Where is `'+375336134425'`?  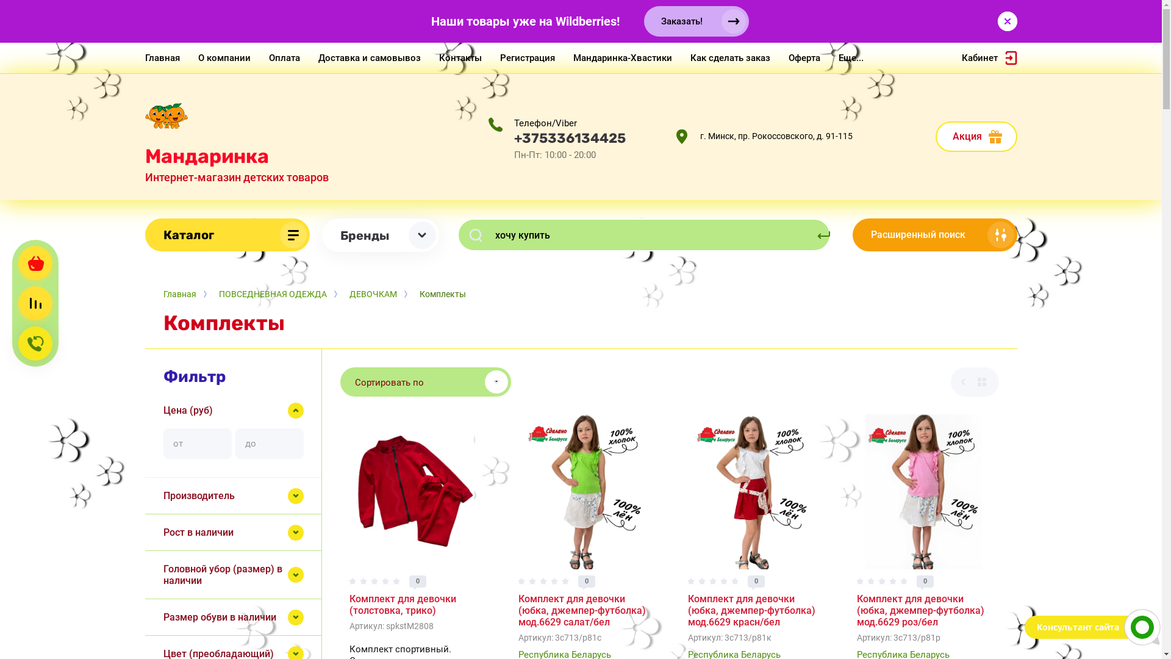
'+375336134425' is located at coordinates (568, 137).